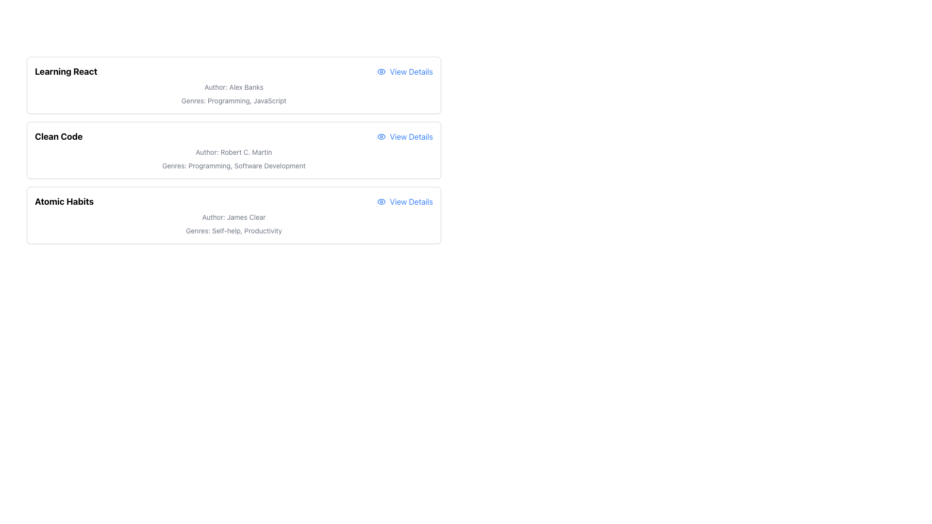  What do you see at coordinates (233, 85) in the screenshot?
I see `the Information Card for the book titled 'Learning React', which is the first card in a vertical list of three cards` at bounding box center [233, 85].